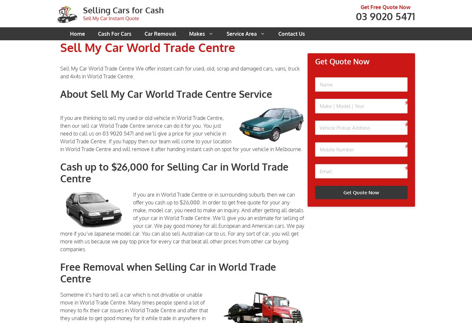 This screenshot has width=472, height=323. What do you see at coordinates (182, 221) in the screenshot?
I see `'If you are in World Trade Centre or in surrounding suburb, then we can offer you cash up to $26,000. In order to get free quote for your any make, model car, you need to make an inquiry. And after getting all details of your car in World Trade Centre. We’ll give you an estimate for selling of your car. We pay good money for all European and American cars. We pay more if you’ve Japanese model car. You can also sell Australian car to us. For any sort of car, you will get more with us because we pay top price for every car that beat all other prices from other car buying companies.'` at bounding box center [182, 221].